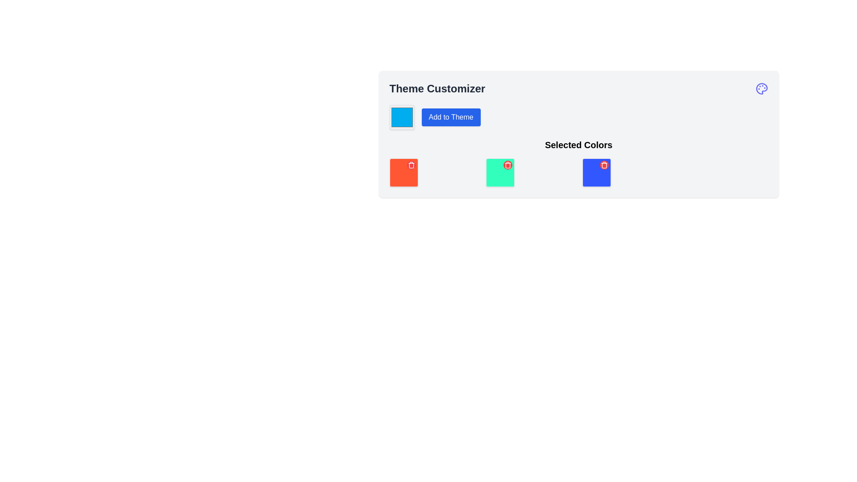  Describe the element at coordinates (761, 89) in the screenshot. I see `the circular palette icon located in the top-right corner of the 'Theme Customizer' panel` at that location.